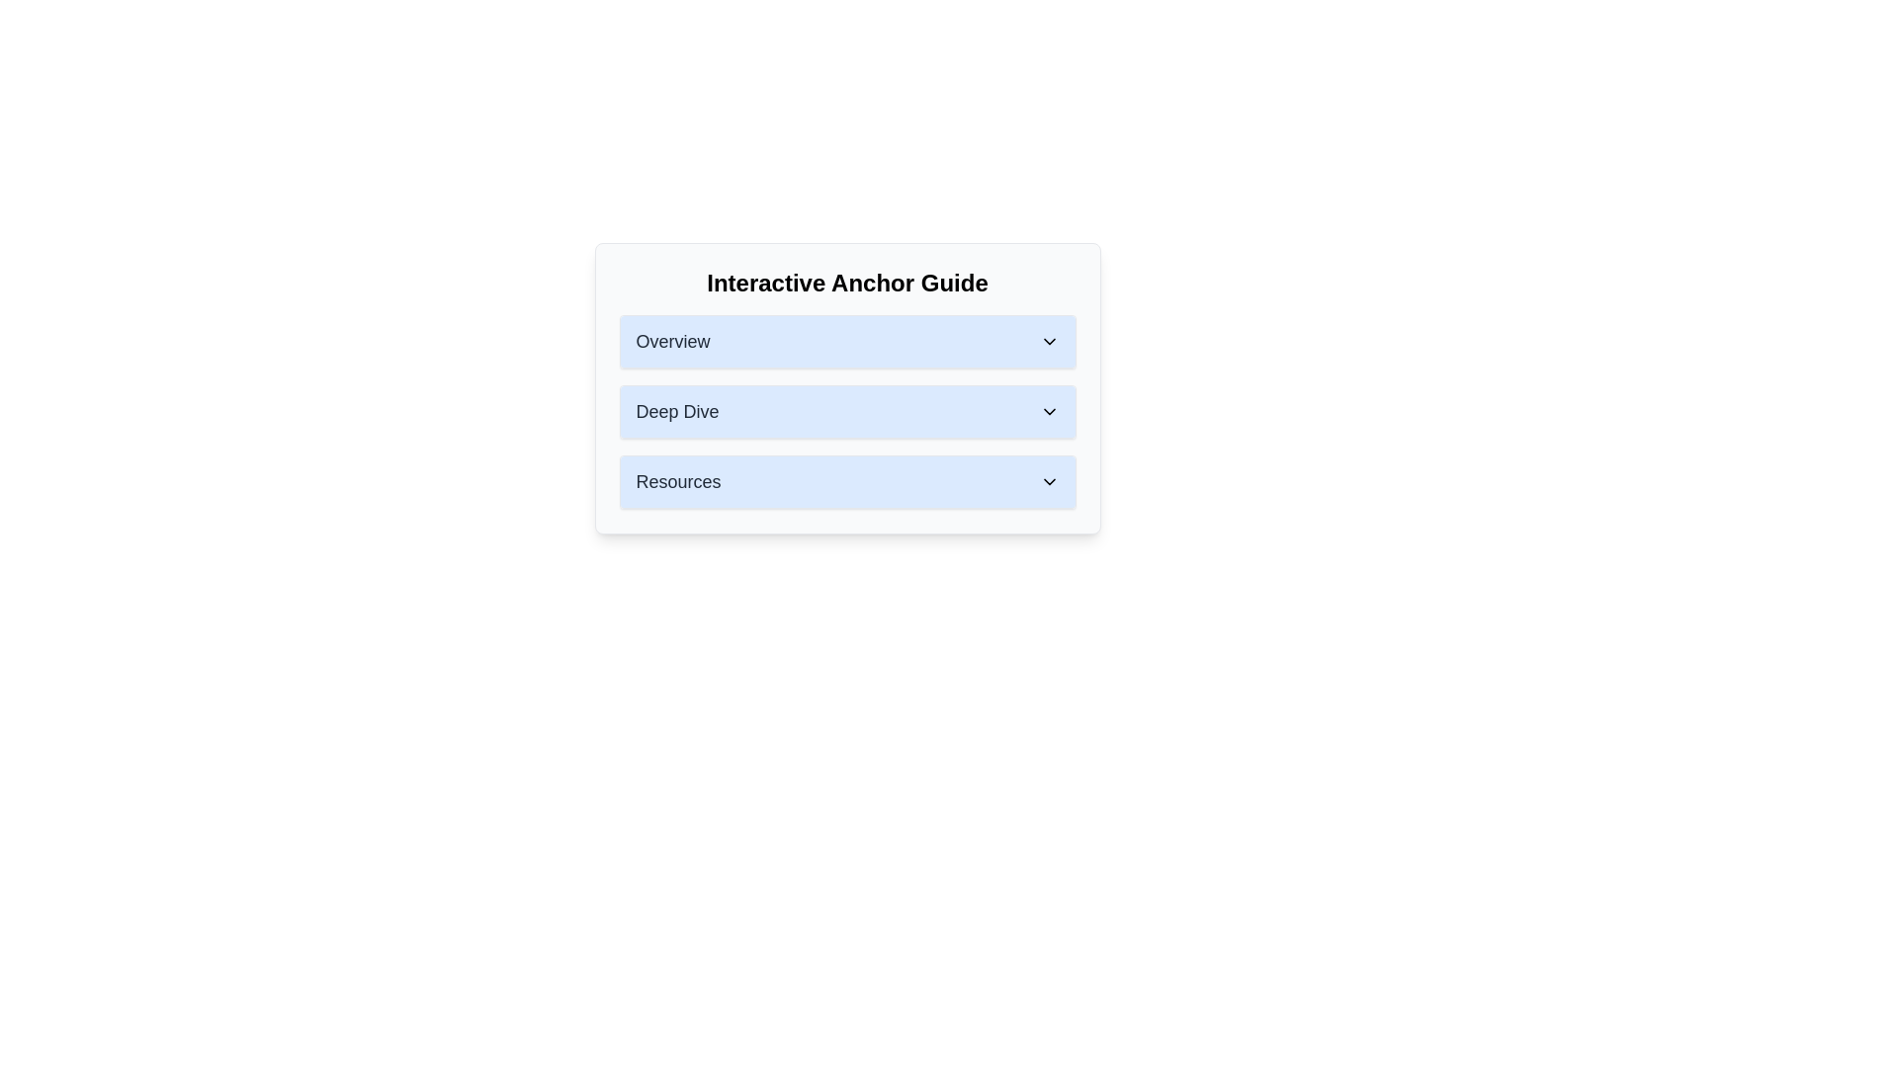 The width and height of the screenshot is (1898, 1067). What do you see at coordinates (1048, 341) in the screenshot?
I see `the downward pointing chevron icon located at the far right side of the 'Overview' section` at bounding box center [1048, 341].